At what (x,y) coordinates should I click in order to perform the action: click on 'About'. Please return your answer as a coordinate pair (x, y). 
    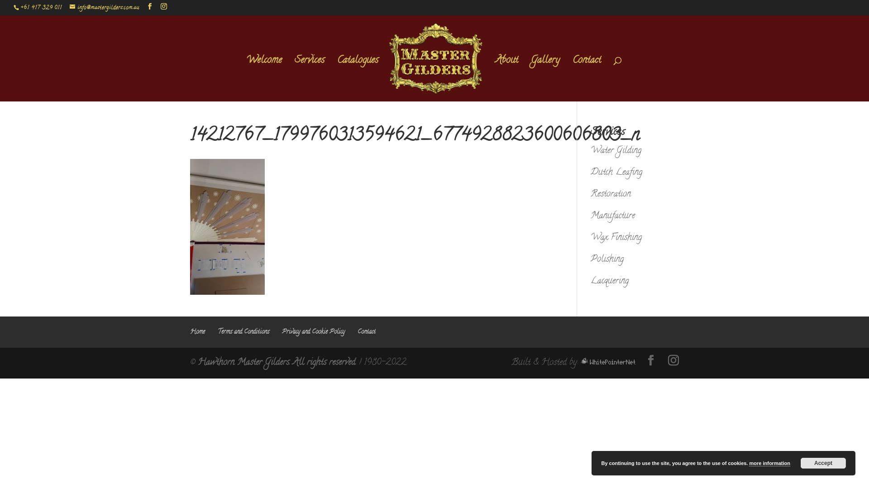
    Looking at the image, I should click on (506, 79).